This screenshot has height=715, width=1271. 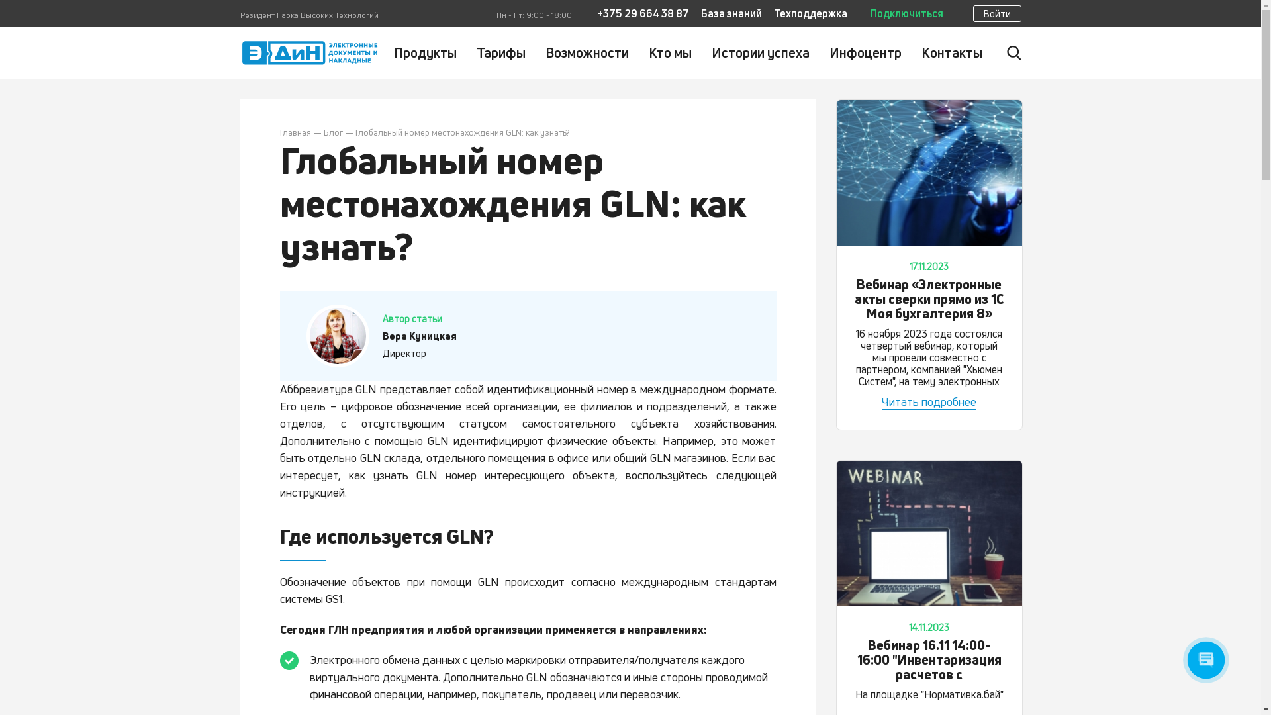 What do you see at coordinates (596, 13) in the screenshot?
I see `'+375 29 664 38 87'` at bounding box center [596, 13].